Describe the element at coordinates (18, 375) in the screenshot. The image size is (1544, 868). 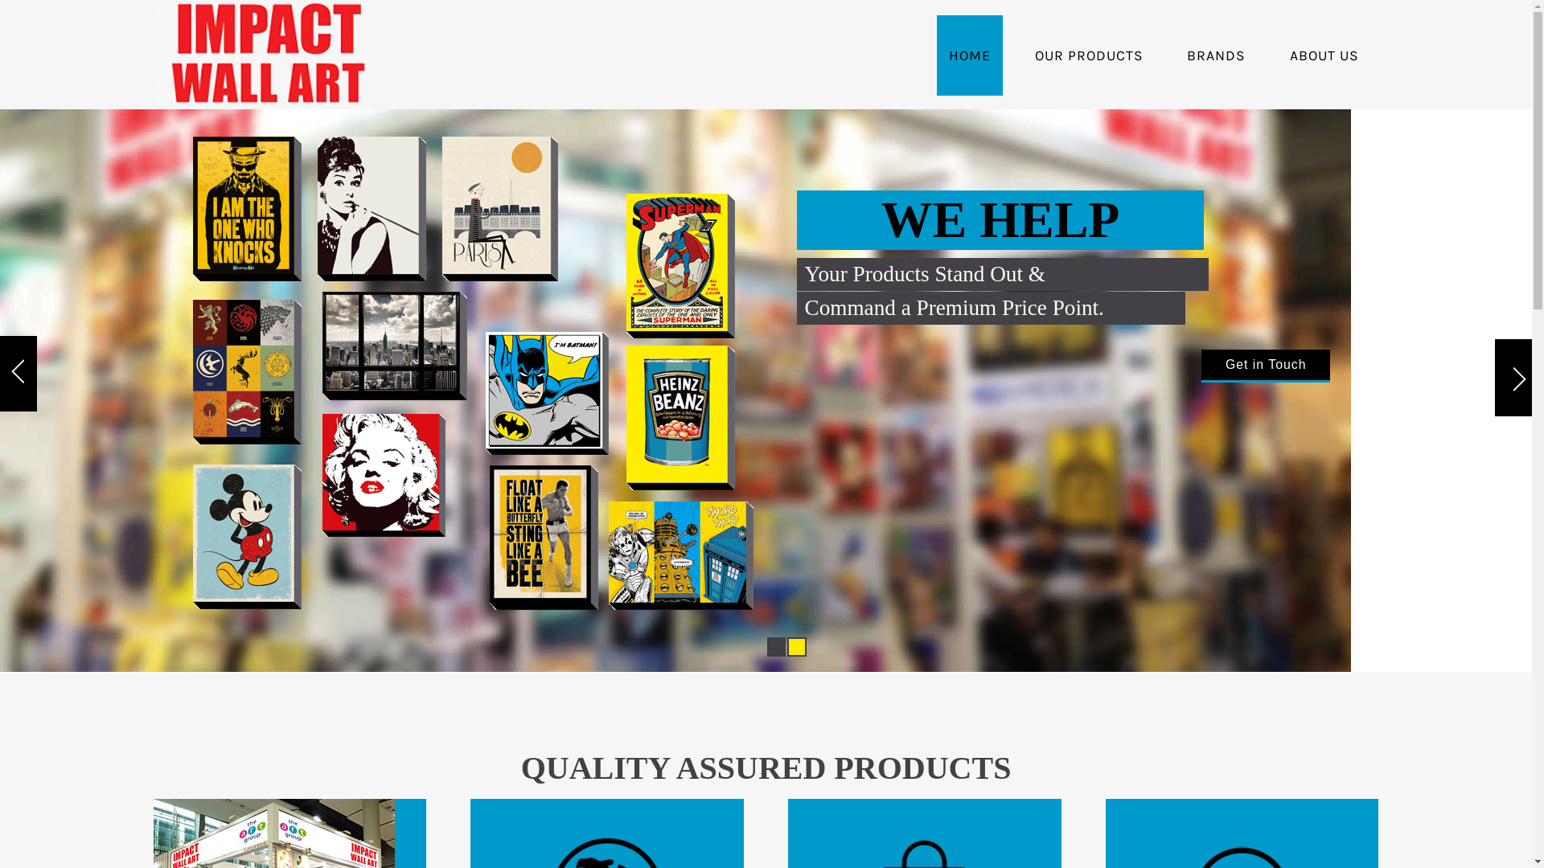
I see `'Previous'` at that location.